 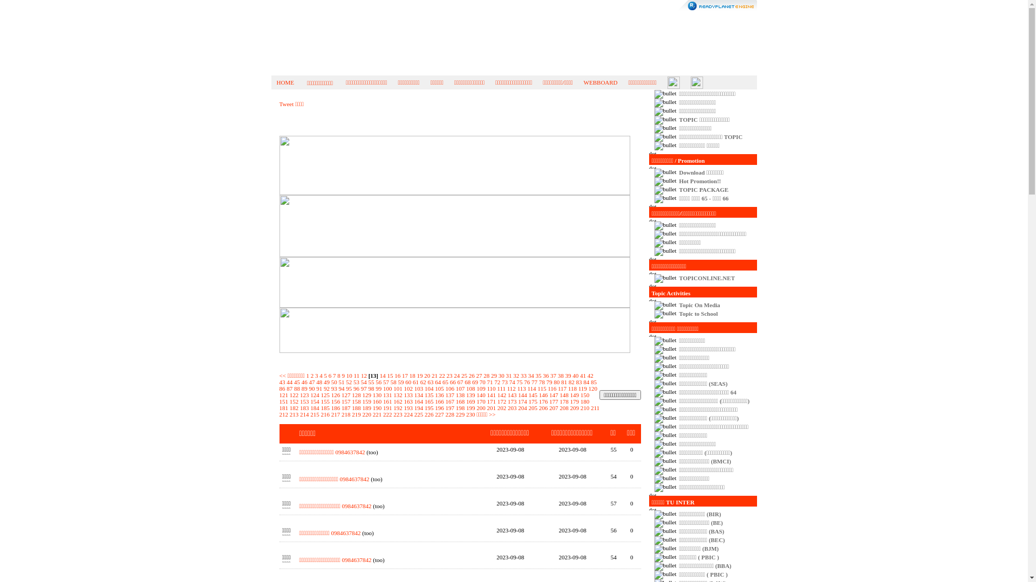 I want to click on '128', so click(x=356, y=394).